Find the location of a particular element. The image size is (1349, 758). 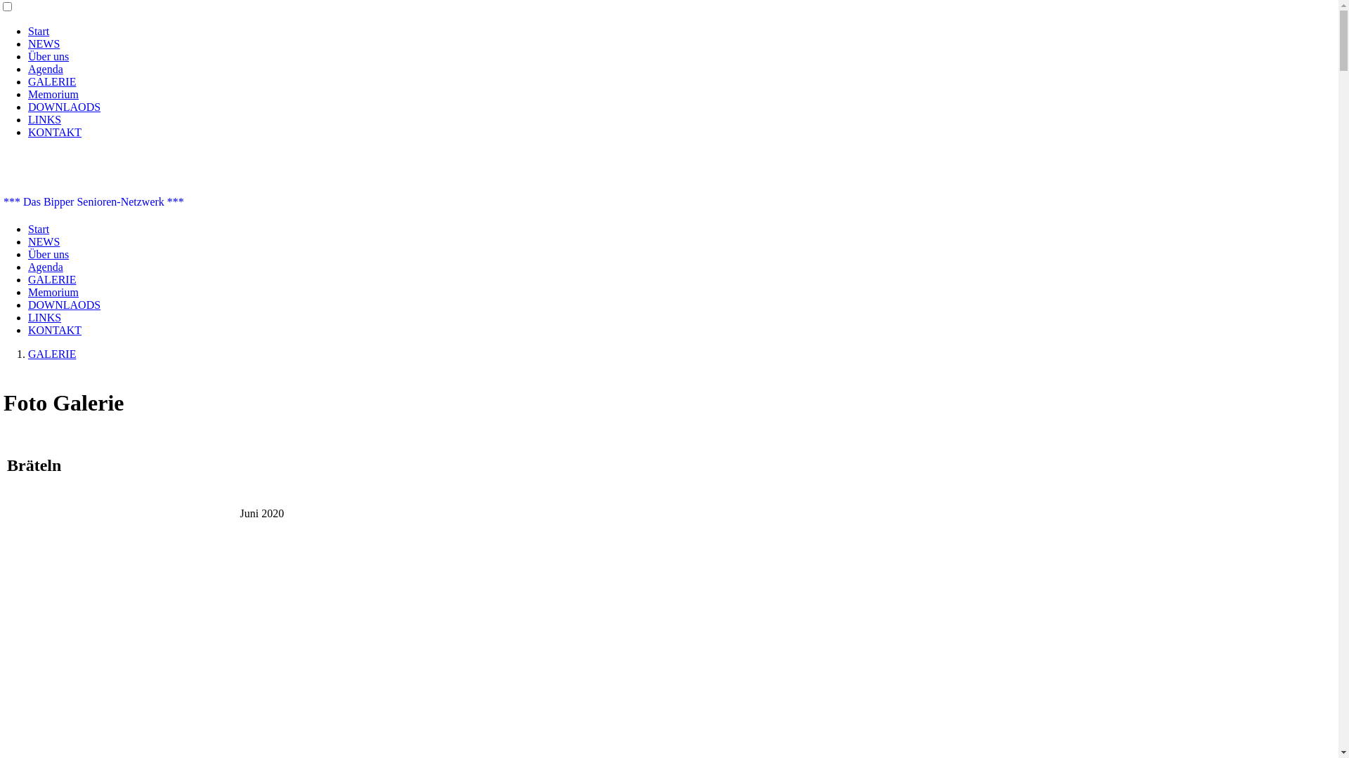

'KONTAKT' is located at coordinates (54, 330).